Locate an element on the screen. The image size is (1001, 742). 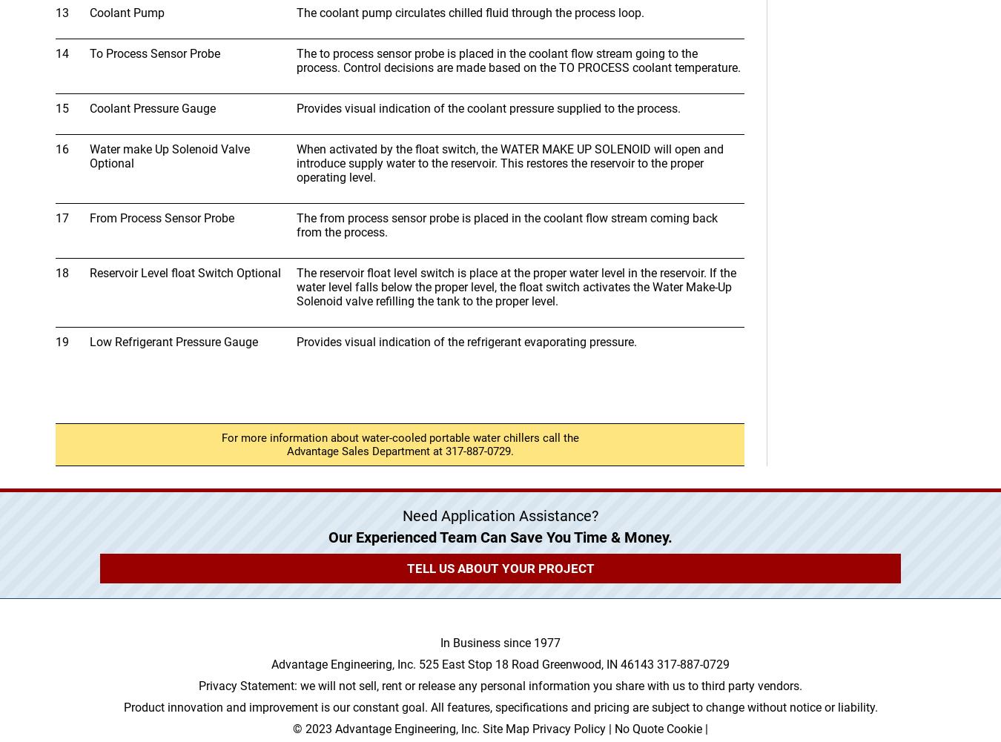
'16' is located at coordinates (61, 149).